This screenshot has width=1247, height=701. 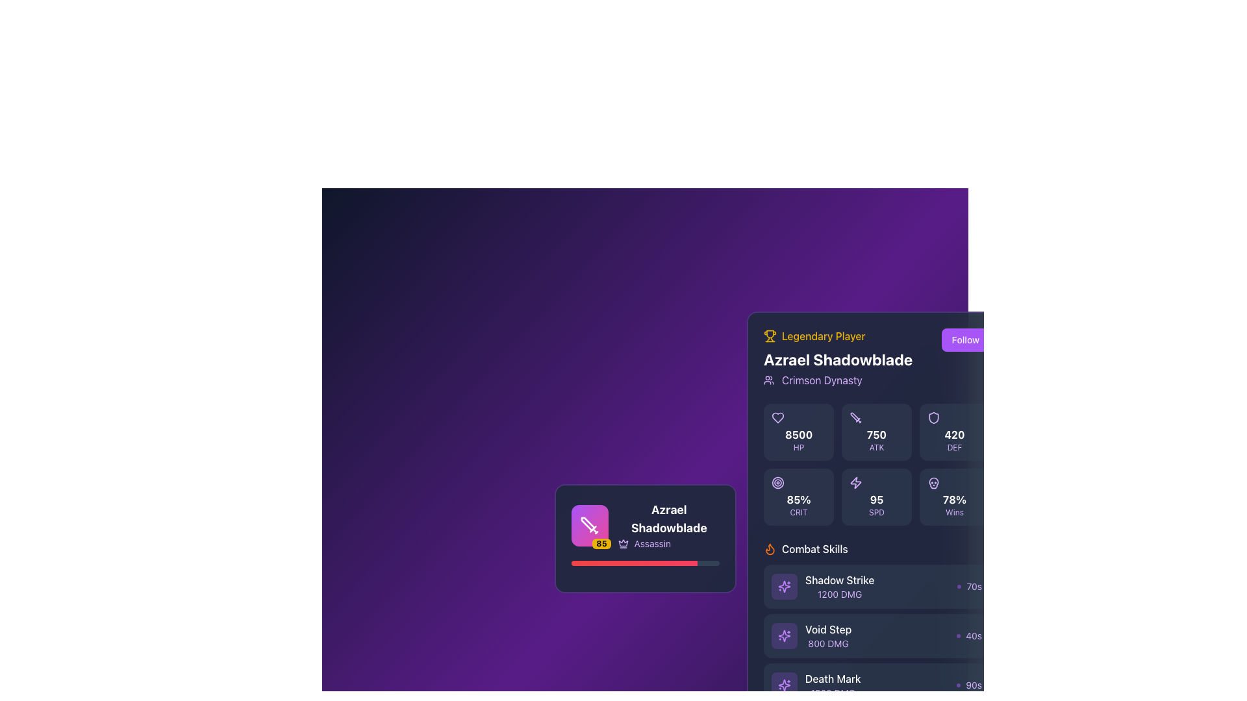 What do you see at coordinates (838, 380) in the screenshot?
I see `the Text Label with Icon displaying 'Crimson Dynasty', which is styled in purple and located below 'Azrael Shadowblade'` at bounding box center [838, 380].